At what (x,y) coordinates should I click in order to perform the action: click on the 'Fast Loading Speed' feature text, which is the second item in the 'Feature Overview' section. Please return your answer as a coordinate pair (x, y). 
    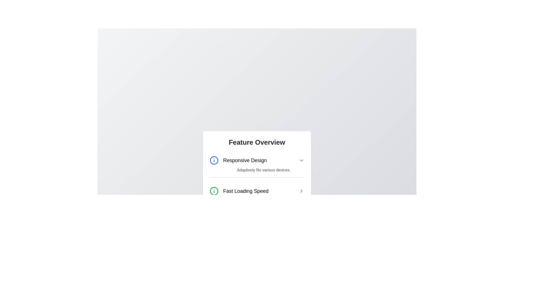
    Looking at the image, I should click on (257, 191).